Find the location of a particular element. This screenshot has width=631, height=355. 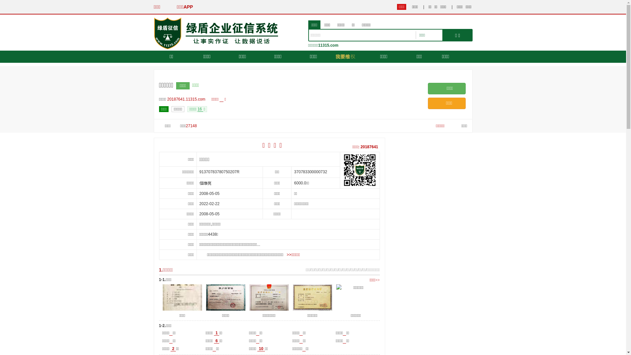

'20187641.11315.com' is located at coordinates (187, 99).